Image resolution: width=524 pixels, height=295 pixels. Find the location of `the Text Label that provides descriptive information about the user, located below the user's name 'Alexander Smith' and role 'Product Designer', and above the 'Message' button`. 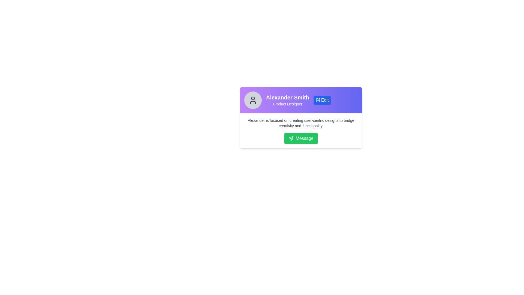

the Text Label that provides descriptive information about the user, located below the user's name 'Alexander Smith' and role 'Product Designer', and above the 'Message' button is located at coordinates (301, 123).